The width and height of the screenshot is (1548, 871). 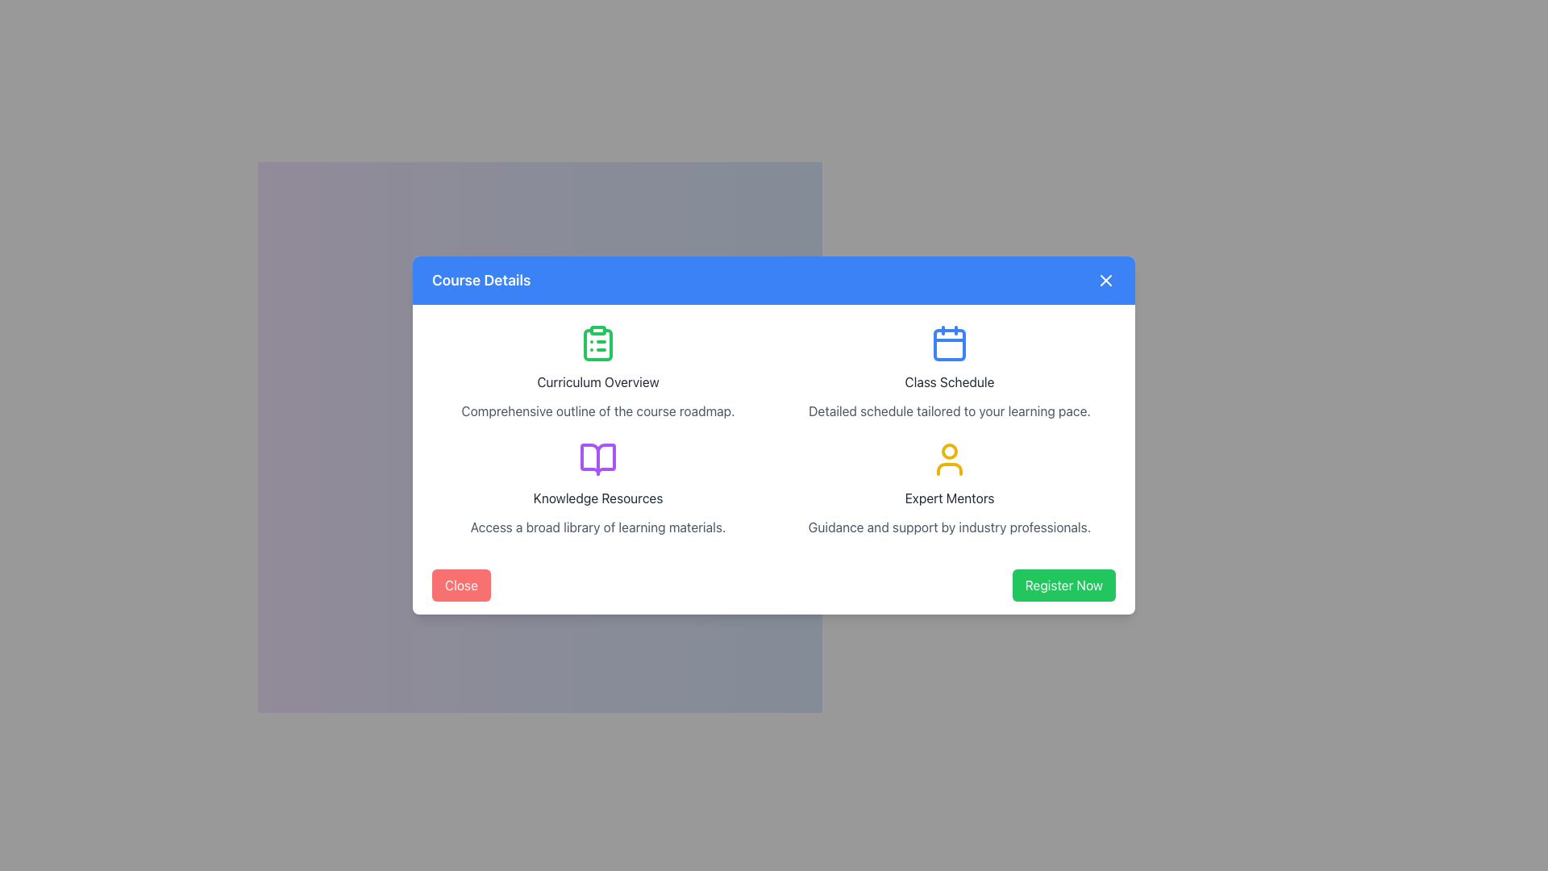 What do you see at coordinates (597, 487) in the screenshot?
I see `the 'Knowledge Resources' informational panel, which is the third item in the grid layout, located in the bottom-left quadrant` at bounding box center [597, 487].